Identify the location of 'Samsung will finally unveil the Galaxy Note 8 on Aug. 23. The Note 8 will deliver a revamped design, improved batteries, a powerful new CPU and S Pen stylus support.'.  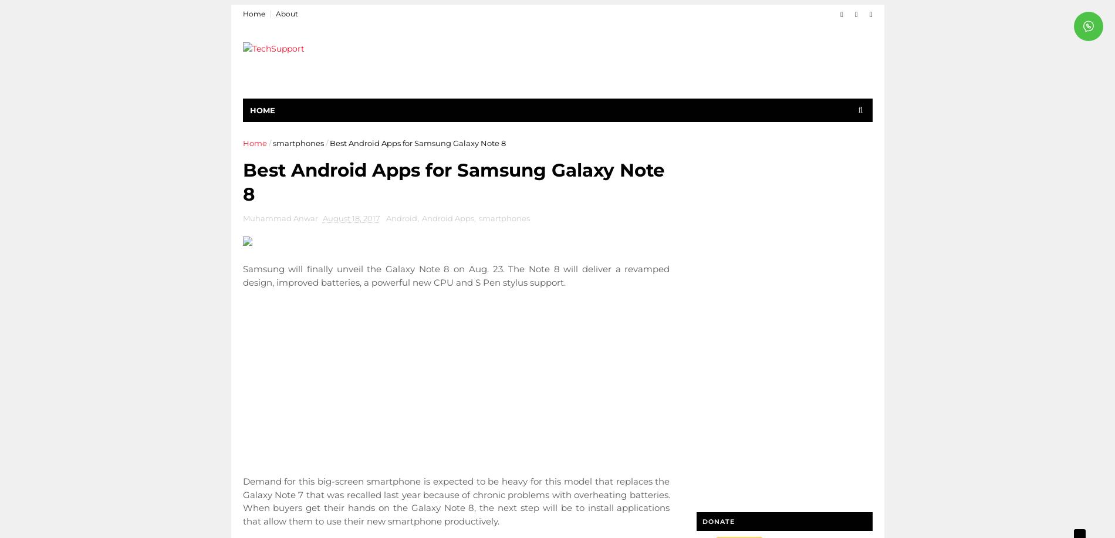
(455, 275).